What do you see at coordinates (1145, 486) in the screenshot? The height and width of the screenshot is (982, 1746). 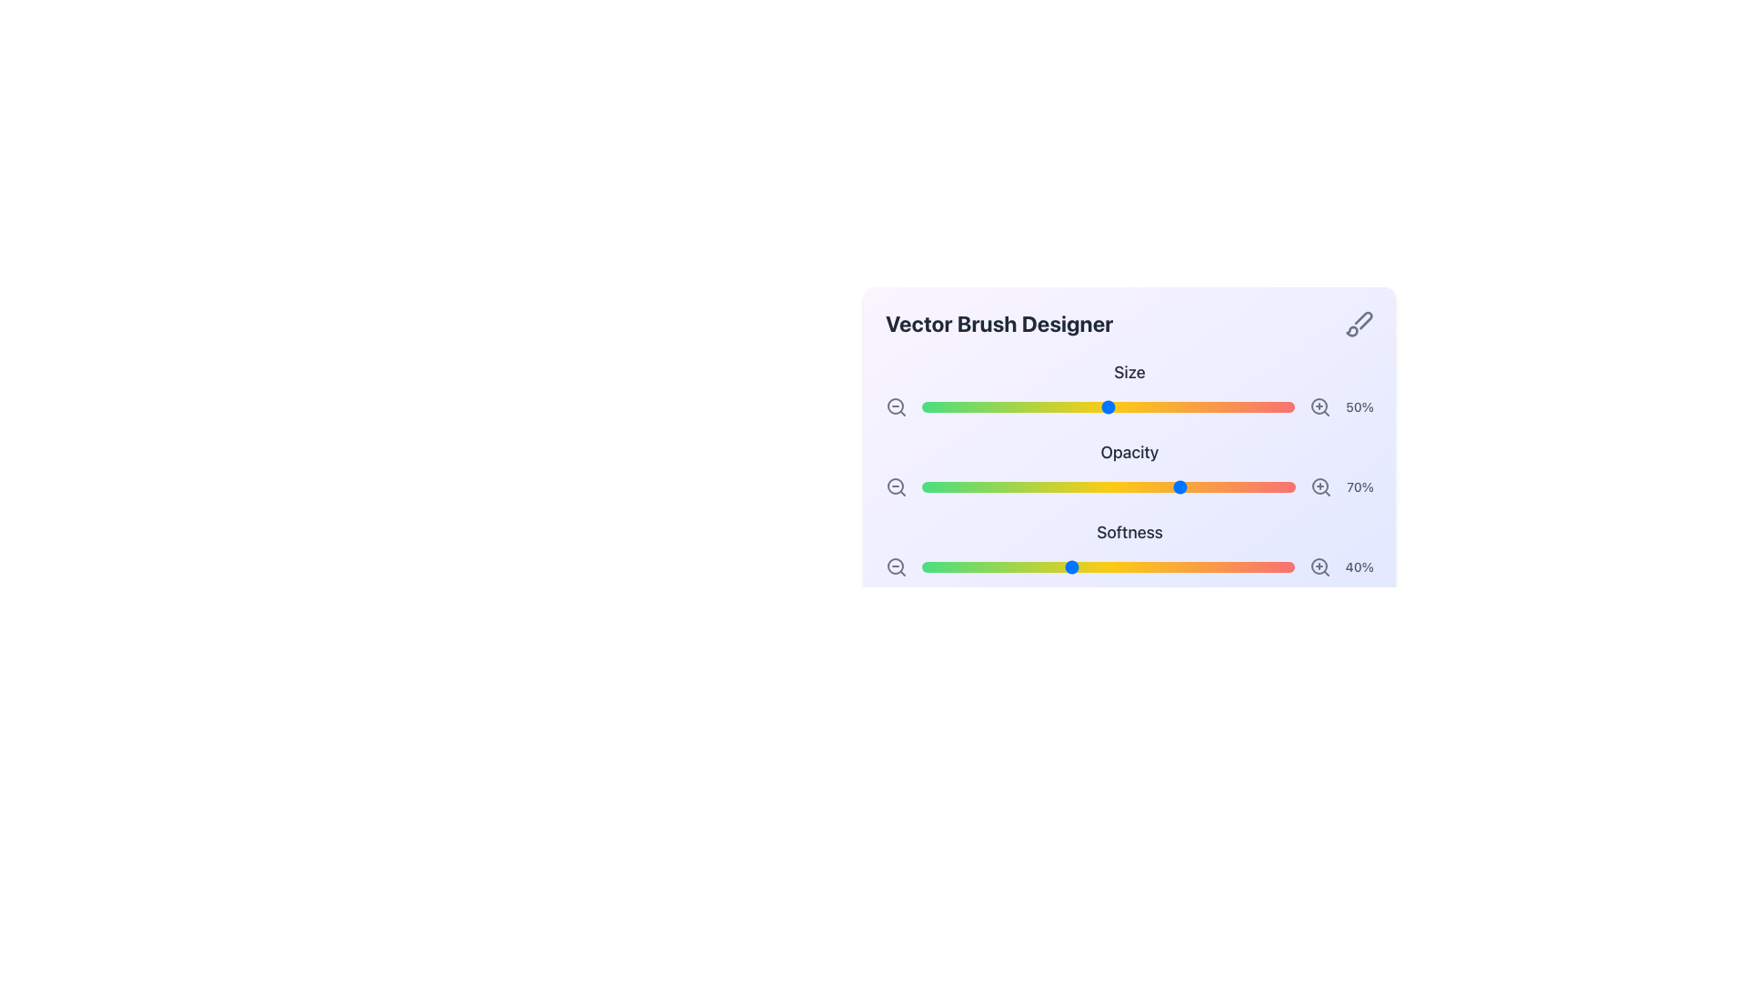 I see `opacity` at bounding box center [1145, 486].